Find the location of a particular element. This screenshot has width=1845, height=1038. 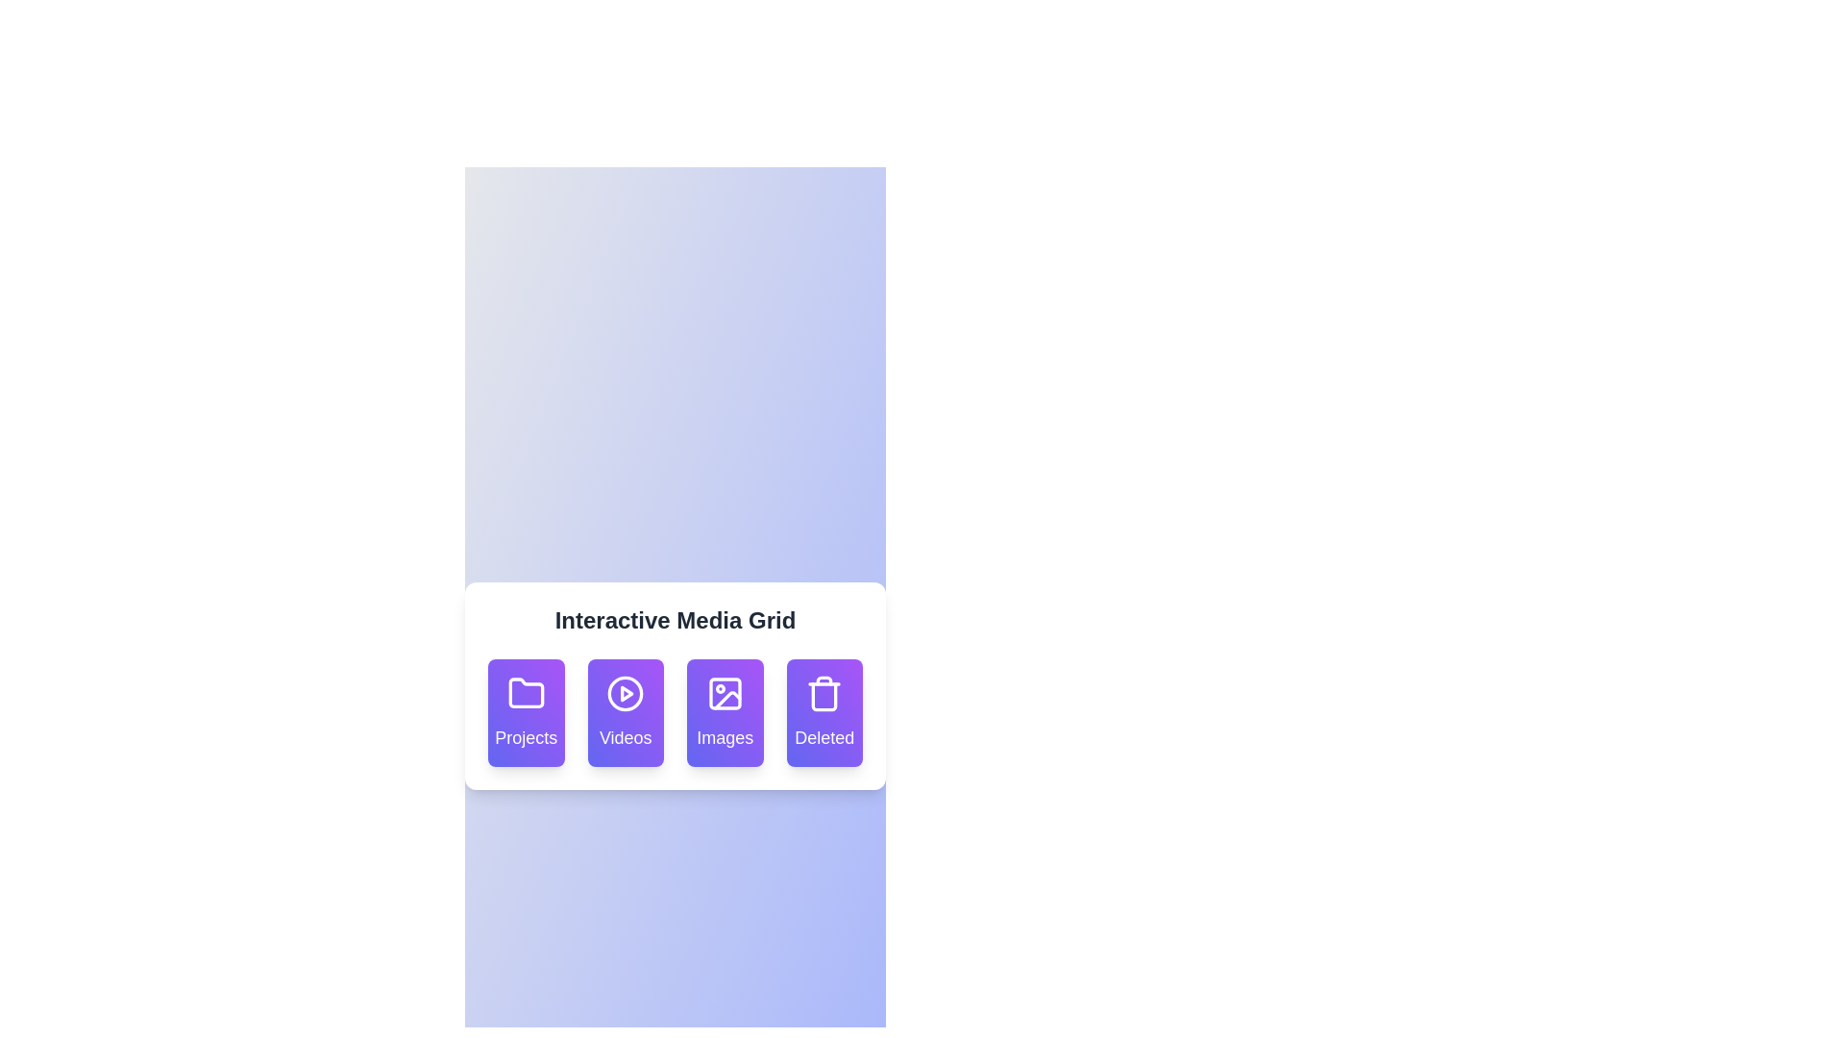

the button for accessing or managing deleted items, which is the rightmost button in a horizontal group of four buttons, adjacent to the 'Images' button on the left is located at coordinates (824, 693).